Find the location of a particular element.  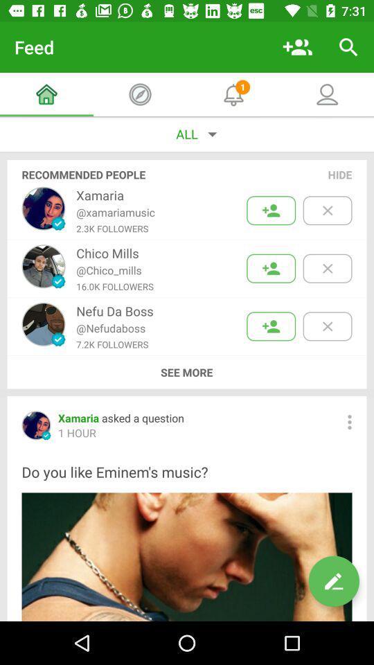

remove person from list is located at coordinates (327, 267).